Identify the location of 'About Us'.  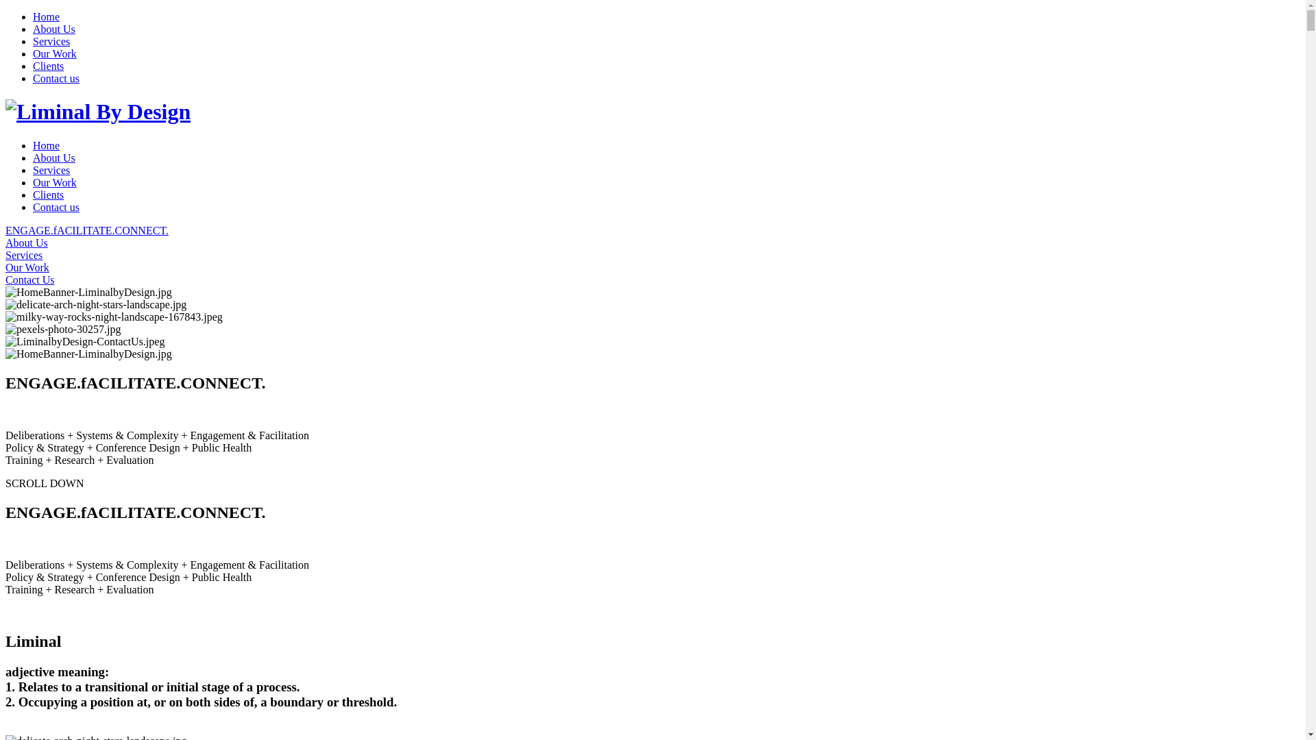
(652, 242).